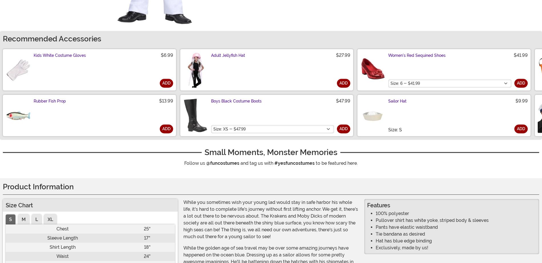  What do you see at coordinates (76, 81) in the screenshot?
I see `'There are no questions for this item yet. Be the first to ask a question!'` at bounding box center [76, 81].